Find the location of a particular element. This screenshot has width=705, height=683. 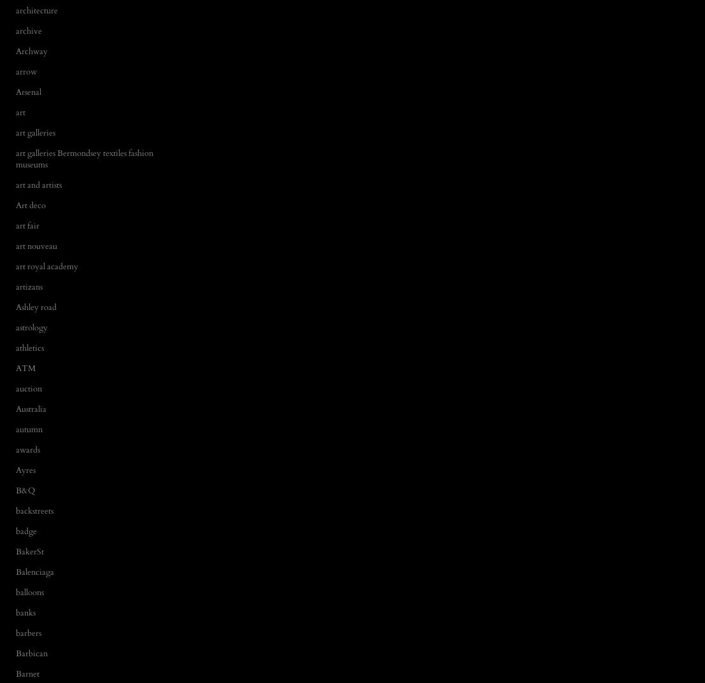

'Ashley road' is located at coordinates (35, 306).